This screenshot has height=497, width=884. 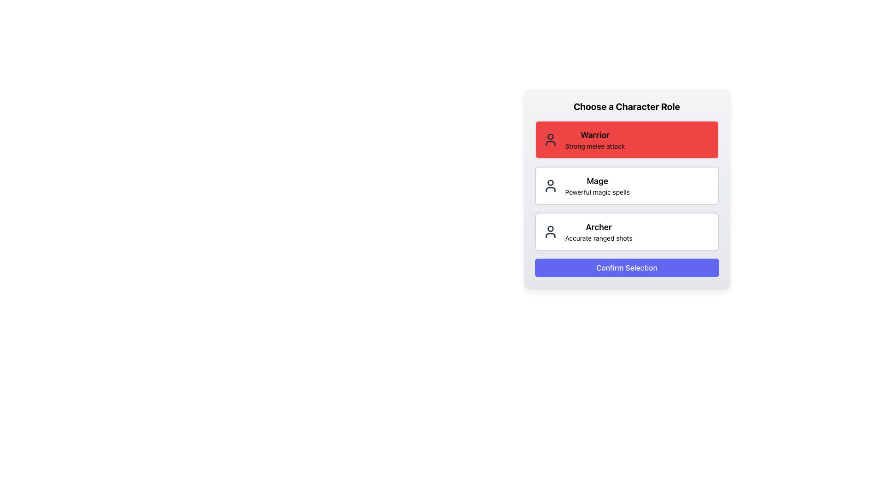 What do you see at coordinates (550, 235) in the screenshot?
I see `the bottom part of the silhouette representing a person in the 'Archer' option of the selection menu` at bounding box center [550, 235].